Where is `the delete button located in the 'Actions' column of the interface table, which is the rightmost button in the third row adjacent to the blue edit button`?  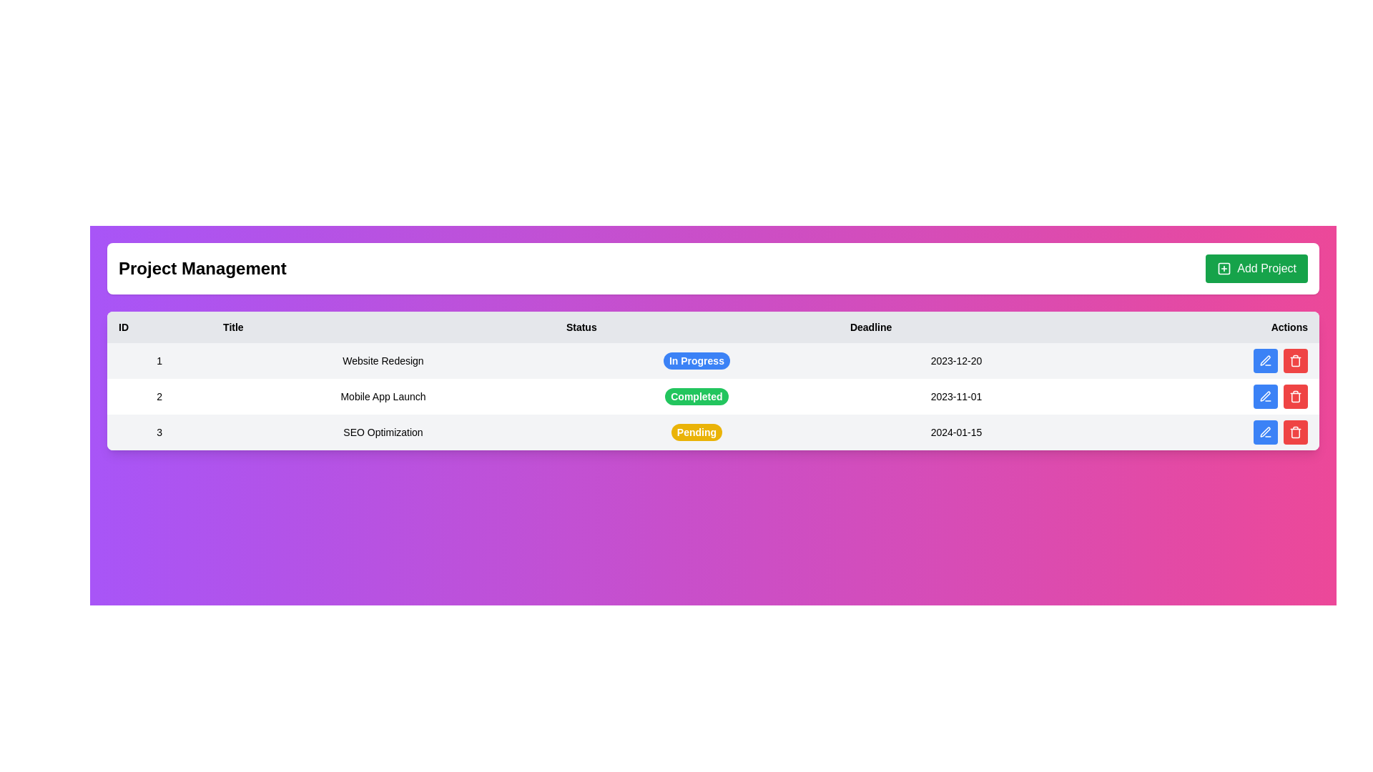 the delete button located in the 'Actions' column of the interface table, which is the rightmost button in the third row adjacent to the blue edit button is located at coordinates (1295, 360).